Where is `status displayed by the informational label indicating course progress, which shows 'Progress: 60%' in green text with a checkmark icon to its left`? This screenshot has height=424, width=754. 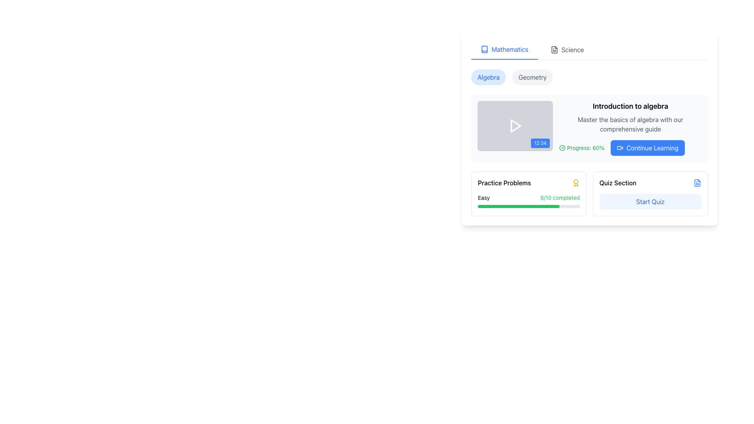
status displayed by the informational label indicating course progress, which shows 'Progress: 60%' in green text with a checkmark icon to its left is located at coordinates (582, 148).